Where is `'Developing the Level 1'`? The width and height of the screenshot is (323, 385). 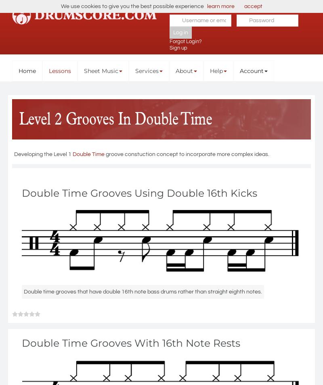 'Developing the Level 1' is located at coordinates (13, 154).